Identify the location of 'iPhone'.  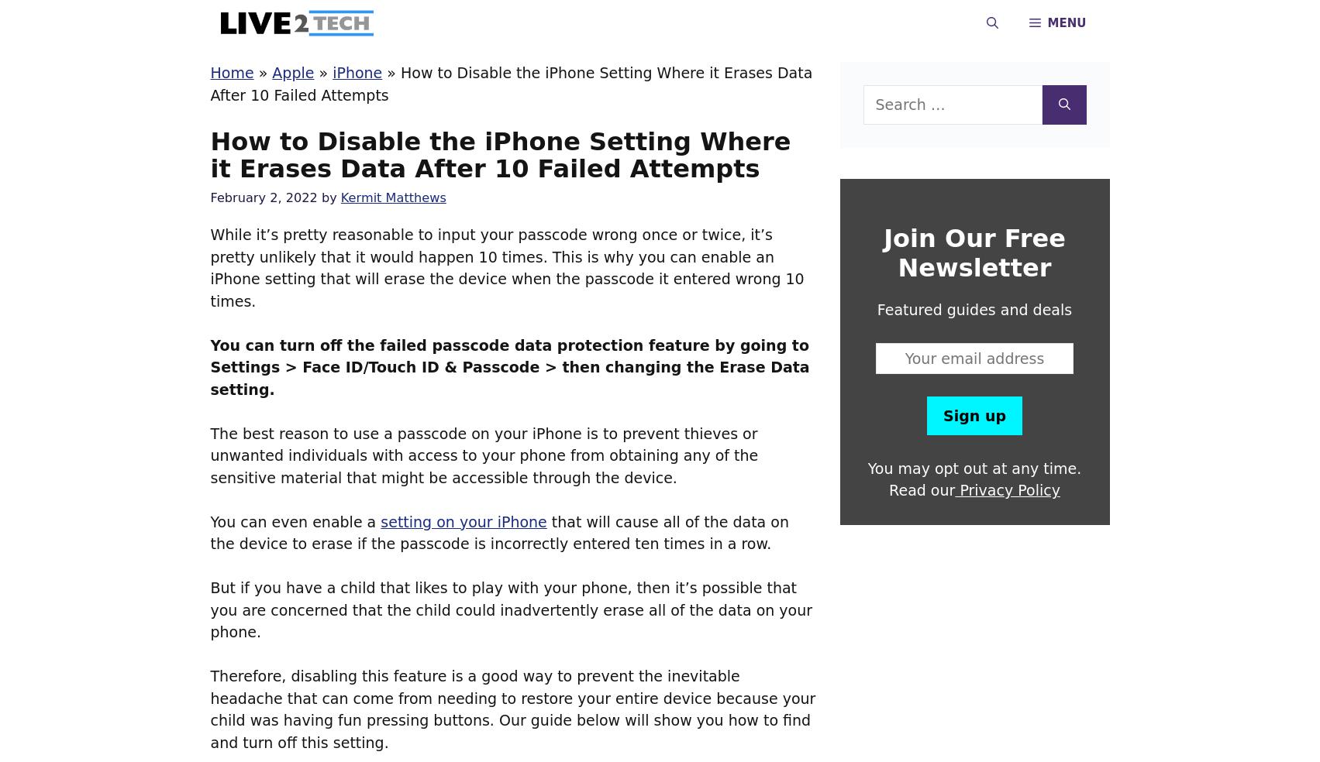
(357, 71).